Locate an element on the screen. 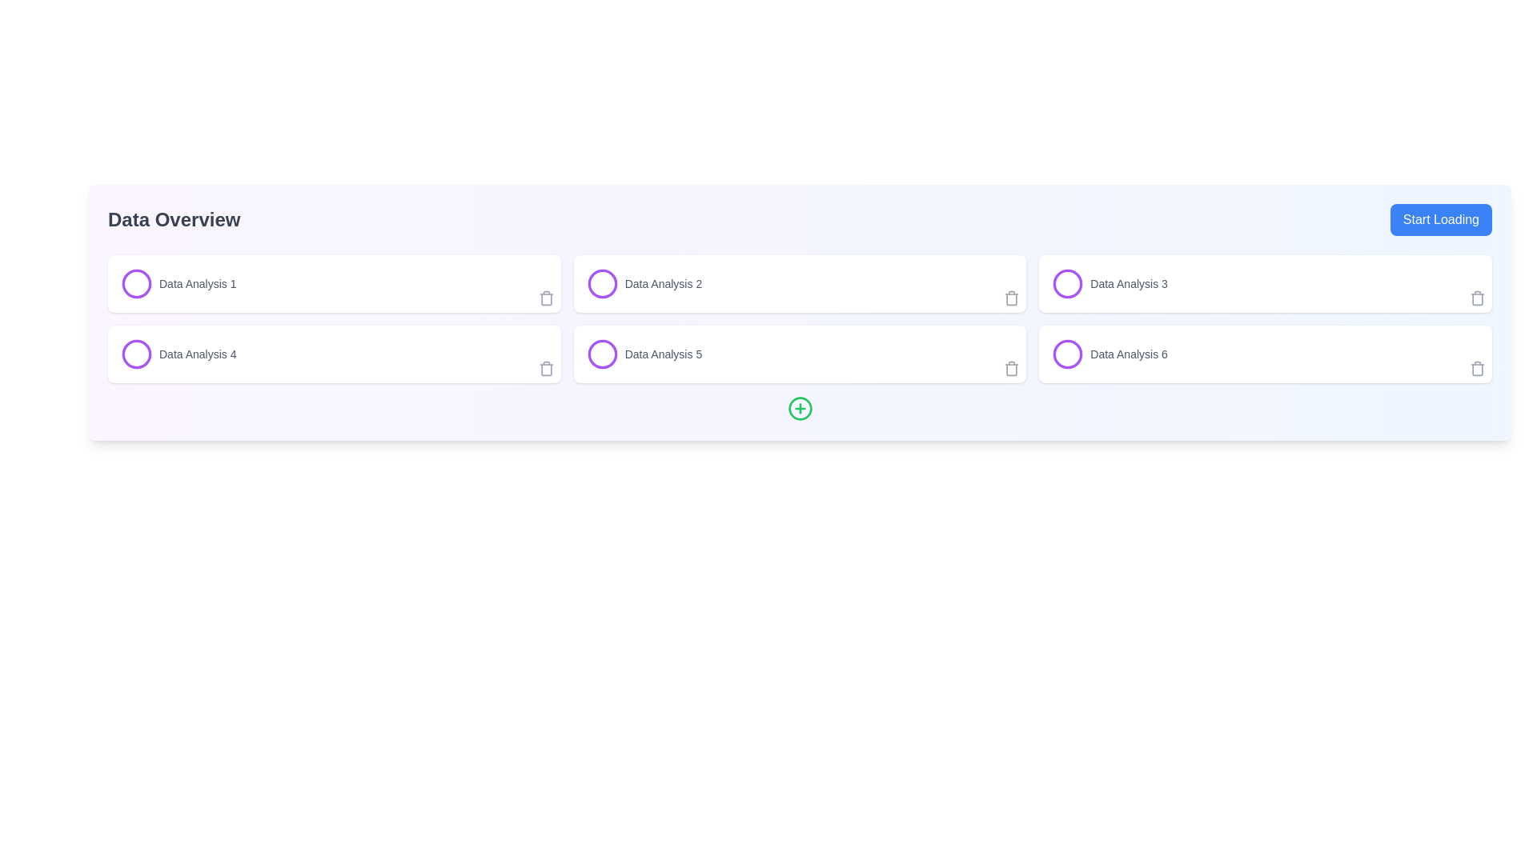 This screenshot has height=864, width=1537. the trash can icon located in the bottom-right corner of the 'Data Analysis 6' card is located at coordinates (1477, 369).